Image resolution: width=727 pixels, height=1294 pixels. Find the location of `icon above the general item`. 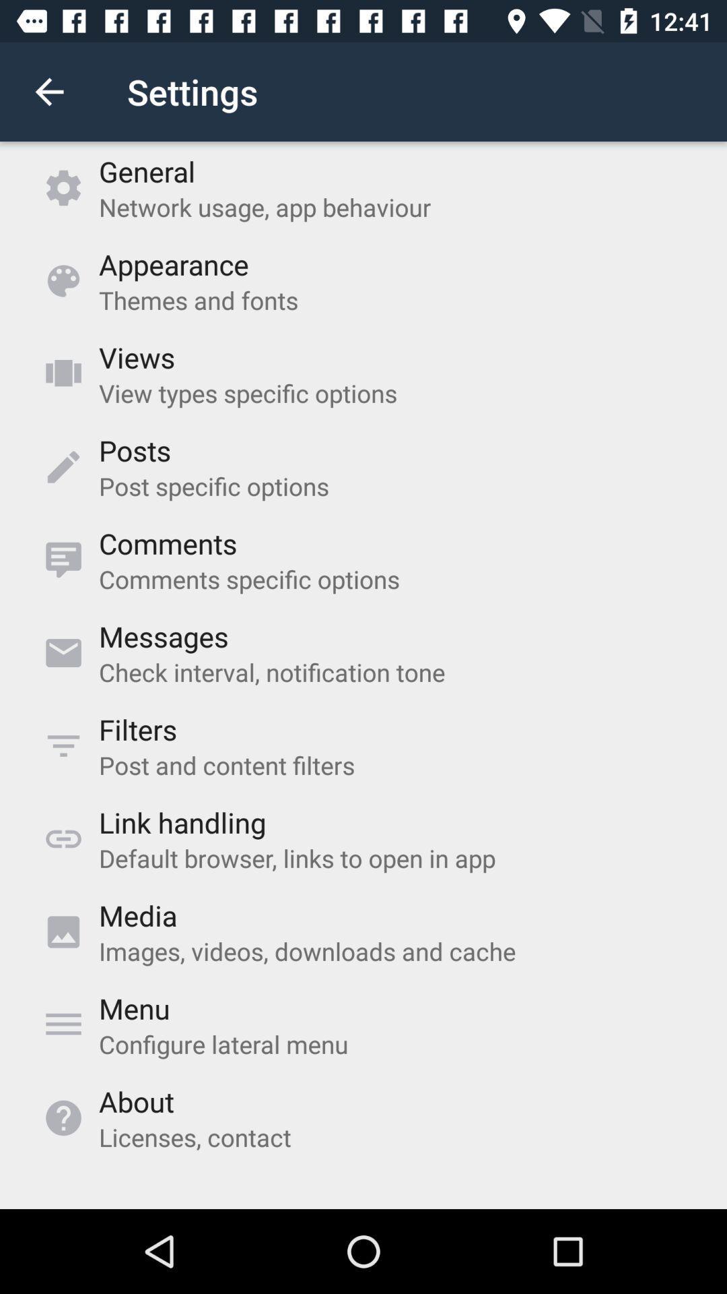

icon above the general item is located at coordinates (48, 91).